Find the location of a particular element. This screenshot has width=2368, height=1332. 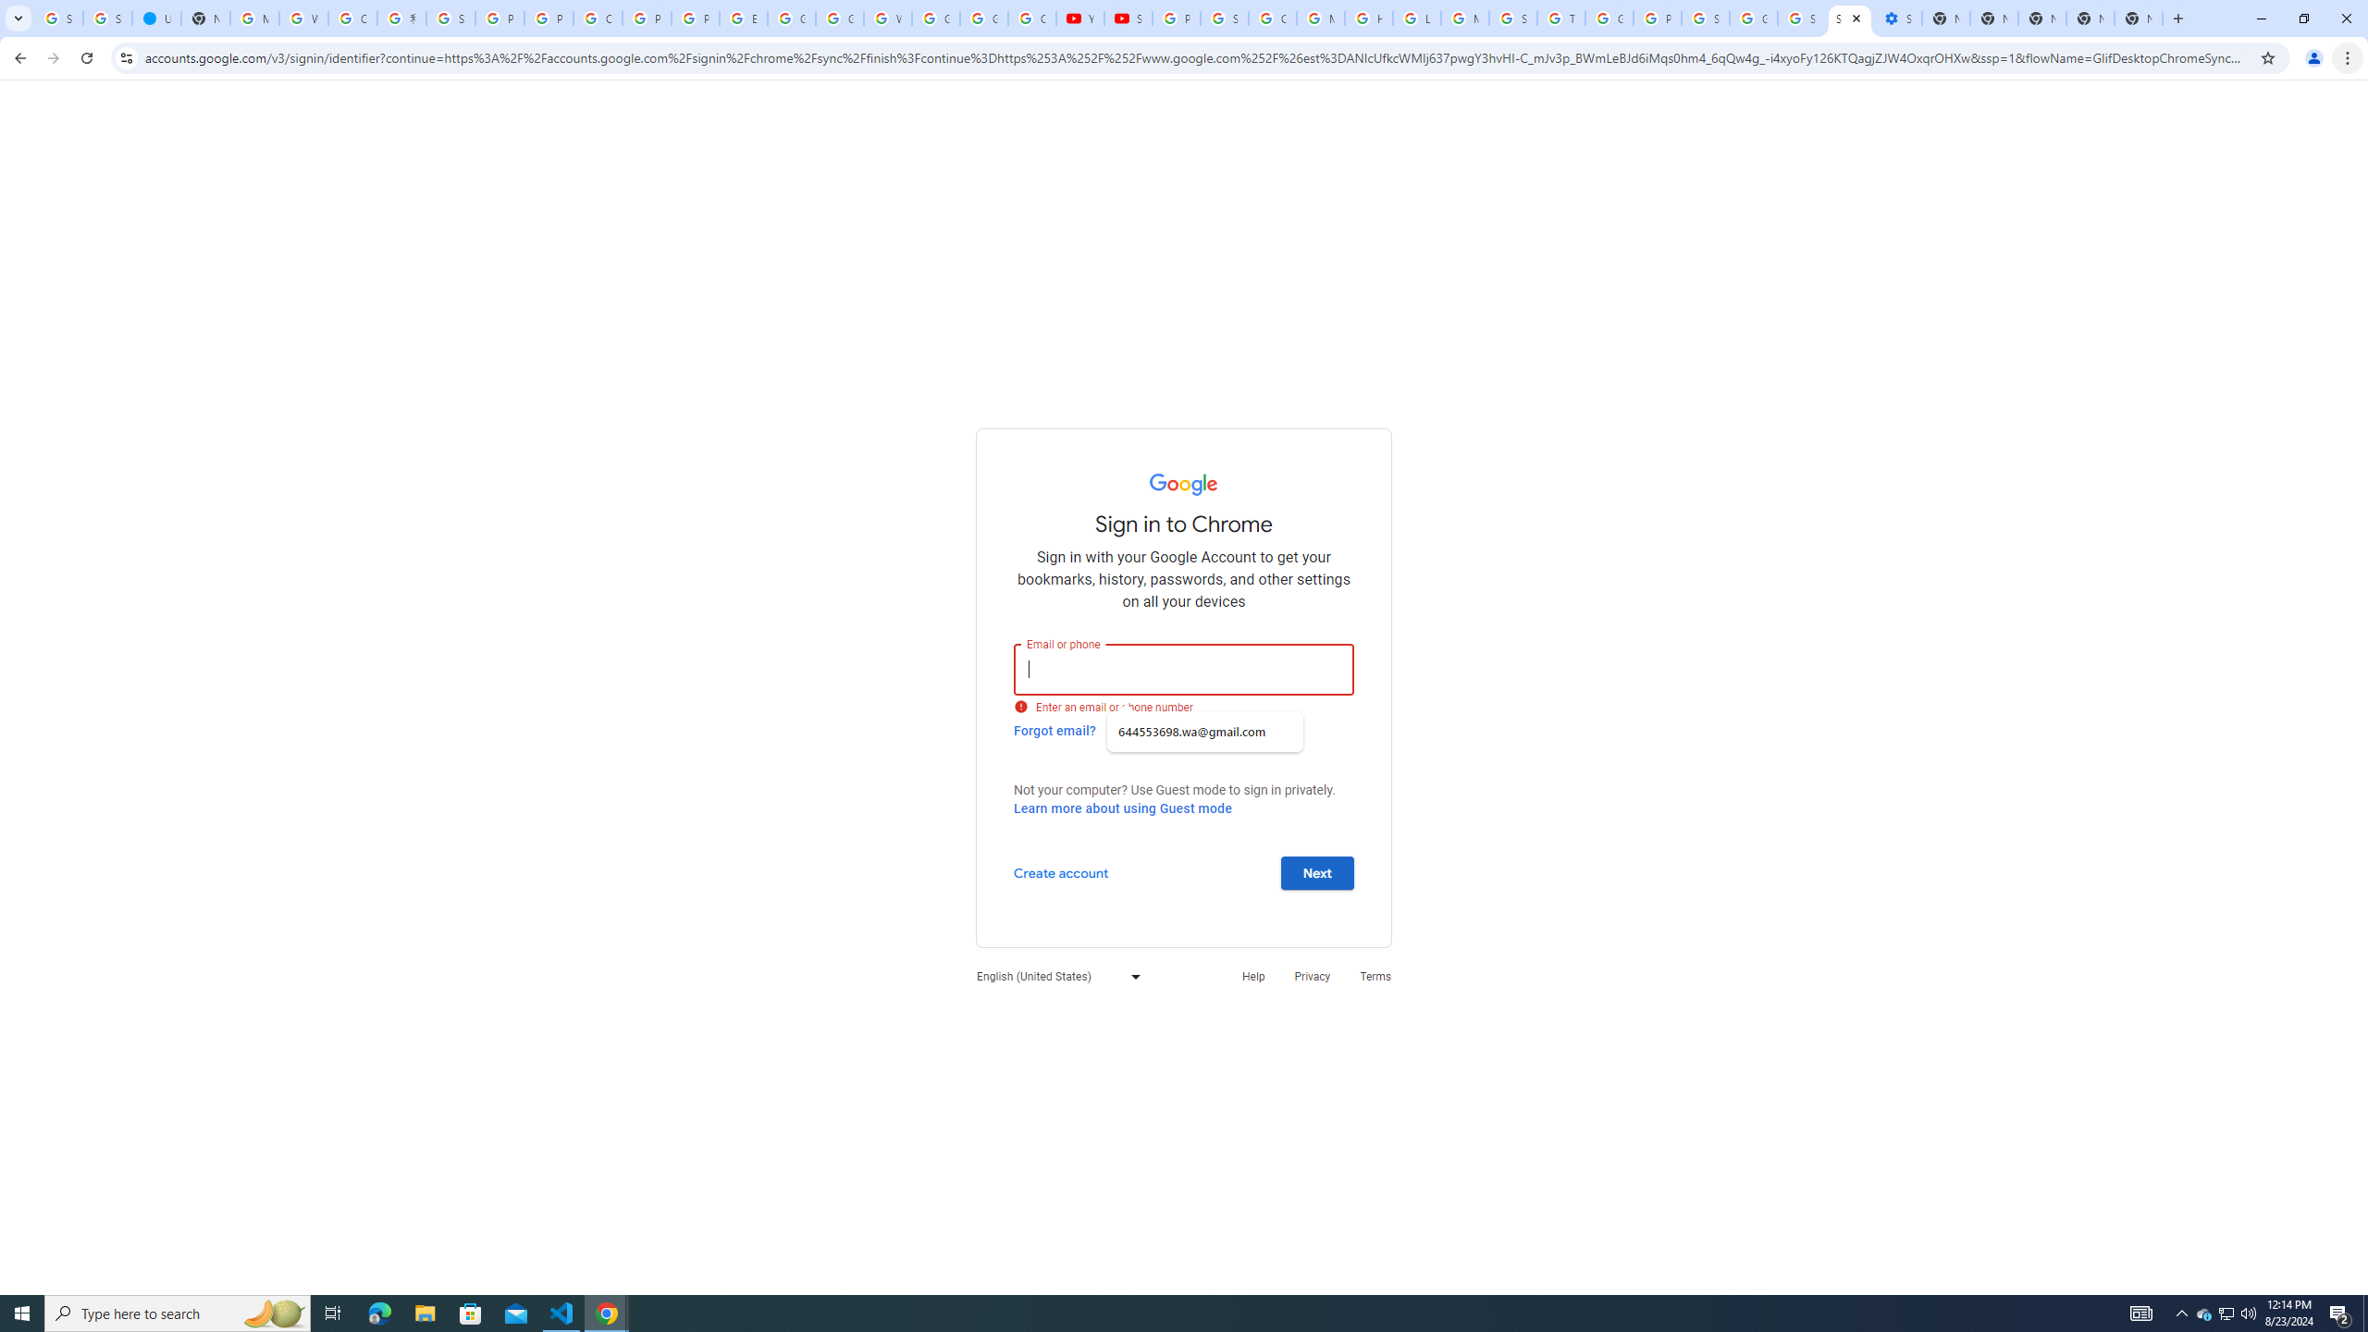

'644553698.wa@gmail.com' is located at coordinates (1205, 731).